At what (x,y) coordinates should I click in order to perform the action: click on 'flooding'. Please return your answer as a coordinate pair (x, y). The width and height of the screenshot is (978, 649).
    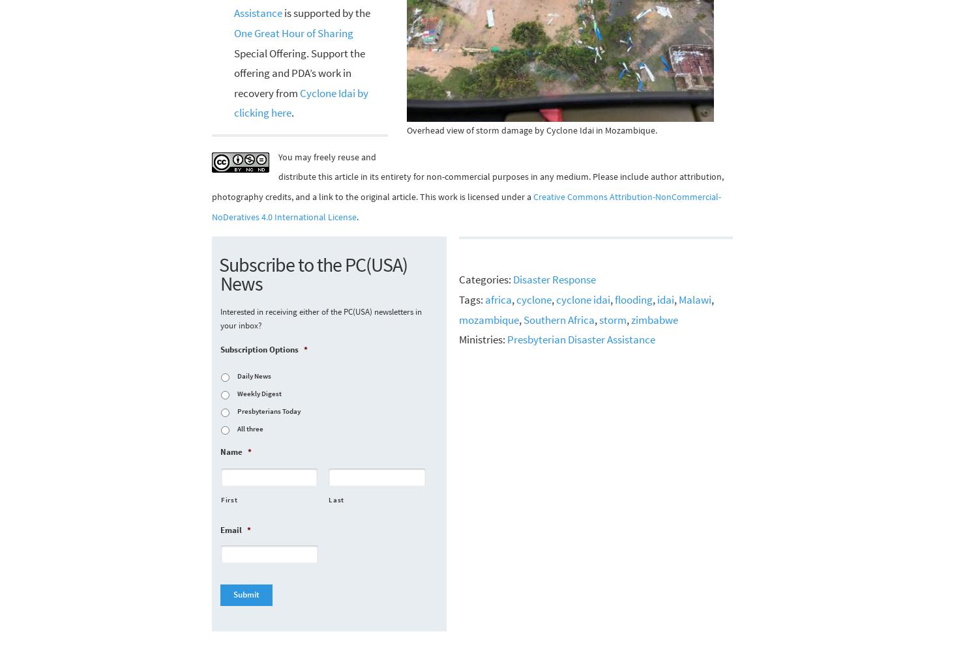
    Looking at the image, I should click on (632, 298).